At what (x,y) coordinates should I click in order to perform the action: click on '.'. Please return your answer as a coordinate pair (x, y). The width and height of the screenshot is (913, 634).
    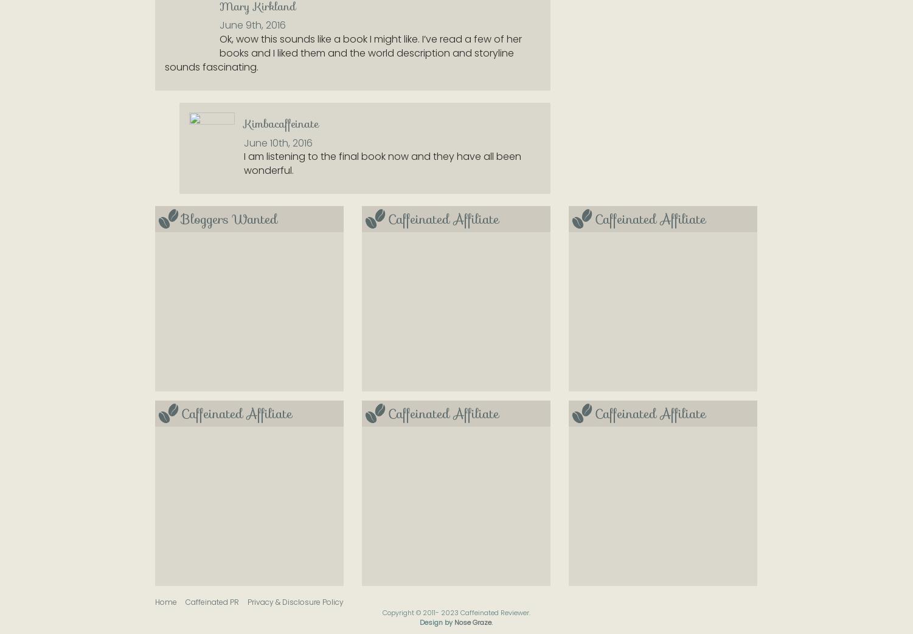
    Looking at the image, I should click on (491, 622).